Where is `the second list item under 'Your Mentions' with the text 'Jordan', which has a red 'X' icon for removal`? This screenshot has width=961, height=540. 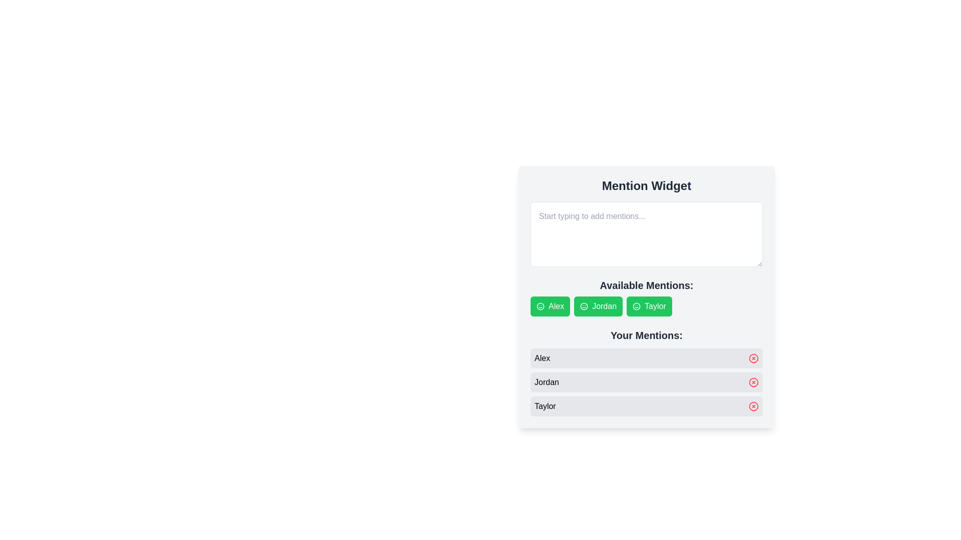 the second list item under 'Your Mentions' with the text 'Jordan', which has a red 'X' icon for removal is located at coordinates (646, 382).